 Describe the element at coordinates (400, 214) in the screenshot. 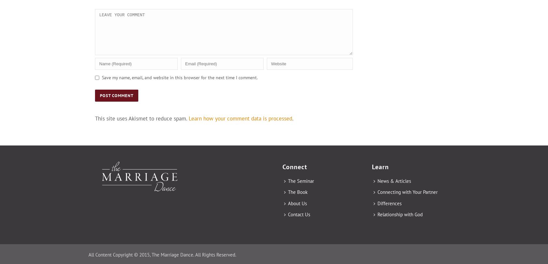

I see `'Relationship with God'` at that location.